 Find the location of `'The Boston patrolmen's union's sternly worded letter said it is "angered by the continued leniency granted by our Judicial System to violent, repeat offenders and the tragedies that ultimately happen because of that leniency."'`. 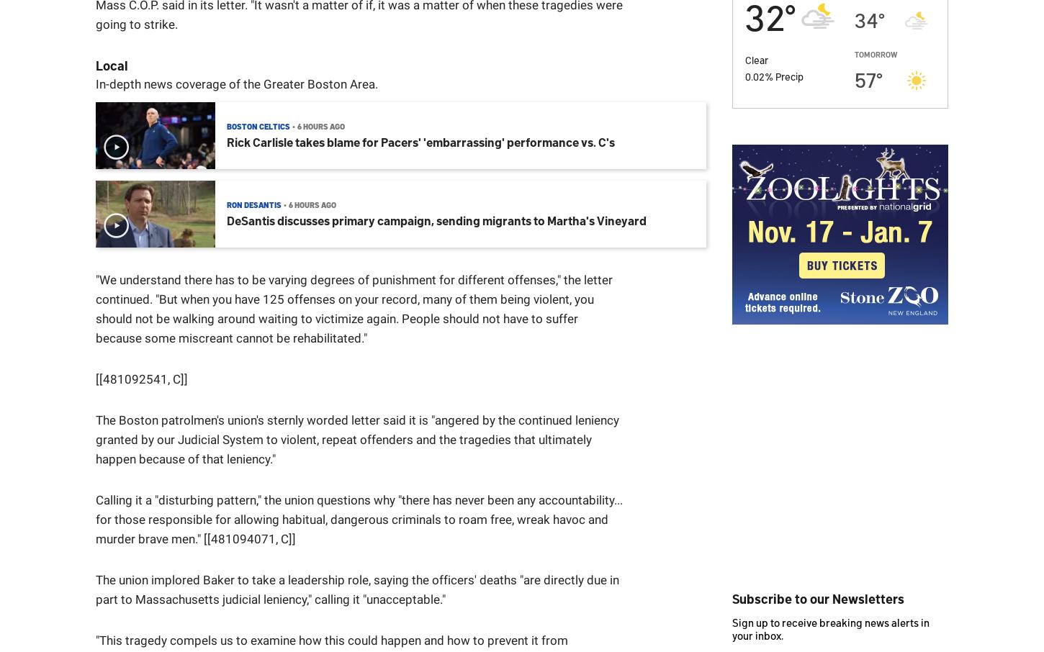

'The Boston patrolmen's union's sternly worded letter said it is "angered by the continued leniency granted by our Judicial System to violent, repeat offenders and the tragedies that ultimately happen because of that leniency."' is located at coordinates (357, 439).